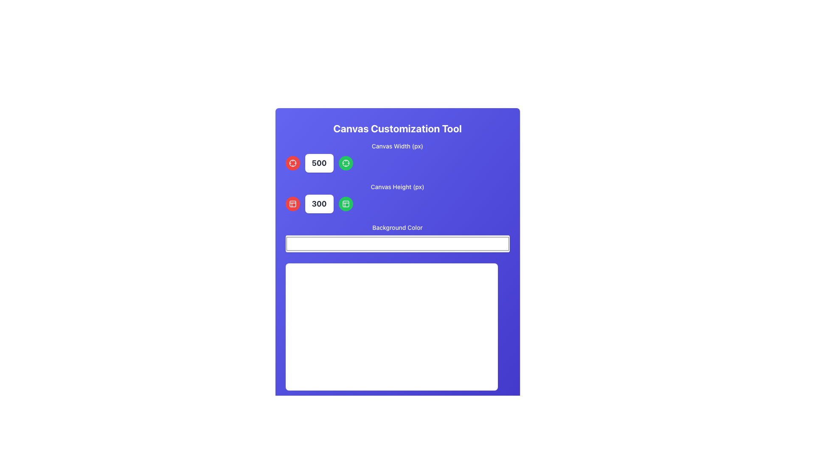  What do you see at coordinates (346, 163) in the screenshot?
I see `the circular button with a green background and a white crosshair icon, located immediately to the right of the 'Canvas Width (px)' input field displaying '500'` at bounding box center [346, 163].